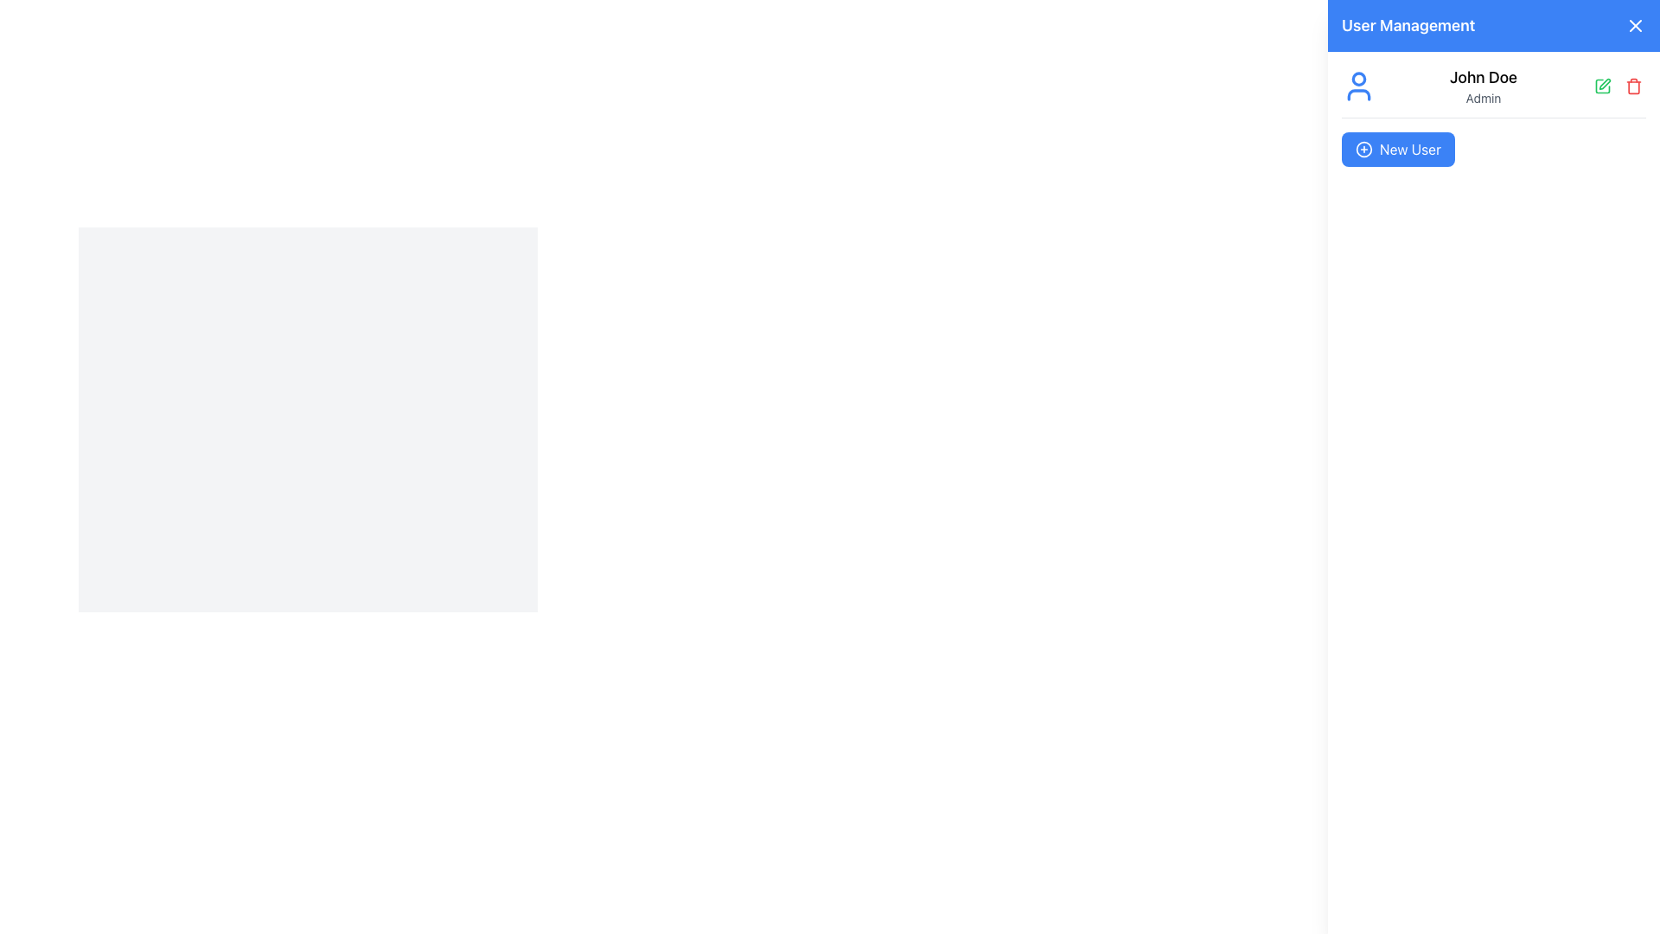 The height and width of the screenshot is (934, 1660). Describe the element at coordinates (1633, 86) in the screenshot. I see `the delete icon located` at that location.